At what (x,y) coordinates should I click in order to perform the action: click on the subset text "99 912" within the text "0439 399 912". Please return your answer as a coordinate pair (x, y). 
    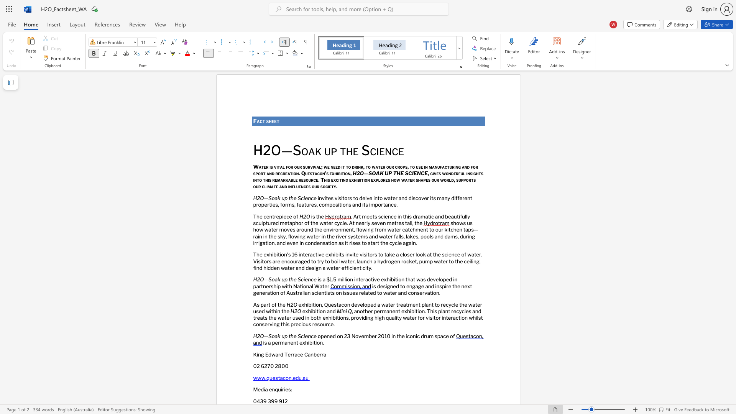
    Looking at the image, I should click on (271, 401).